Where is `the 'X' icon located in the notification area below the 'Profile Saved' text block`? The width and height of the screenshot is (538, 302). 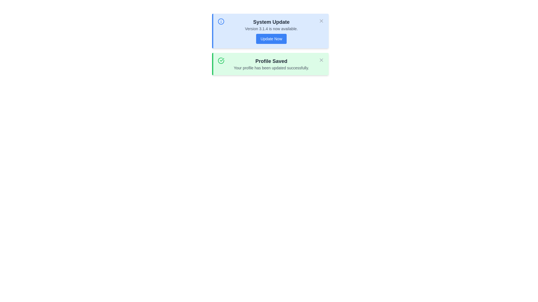 the 'X' icon located in the notification area below the 'Profile Saved' text block is located at coordinates (321, 60).